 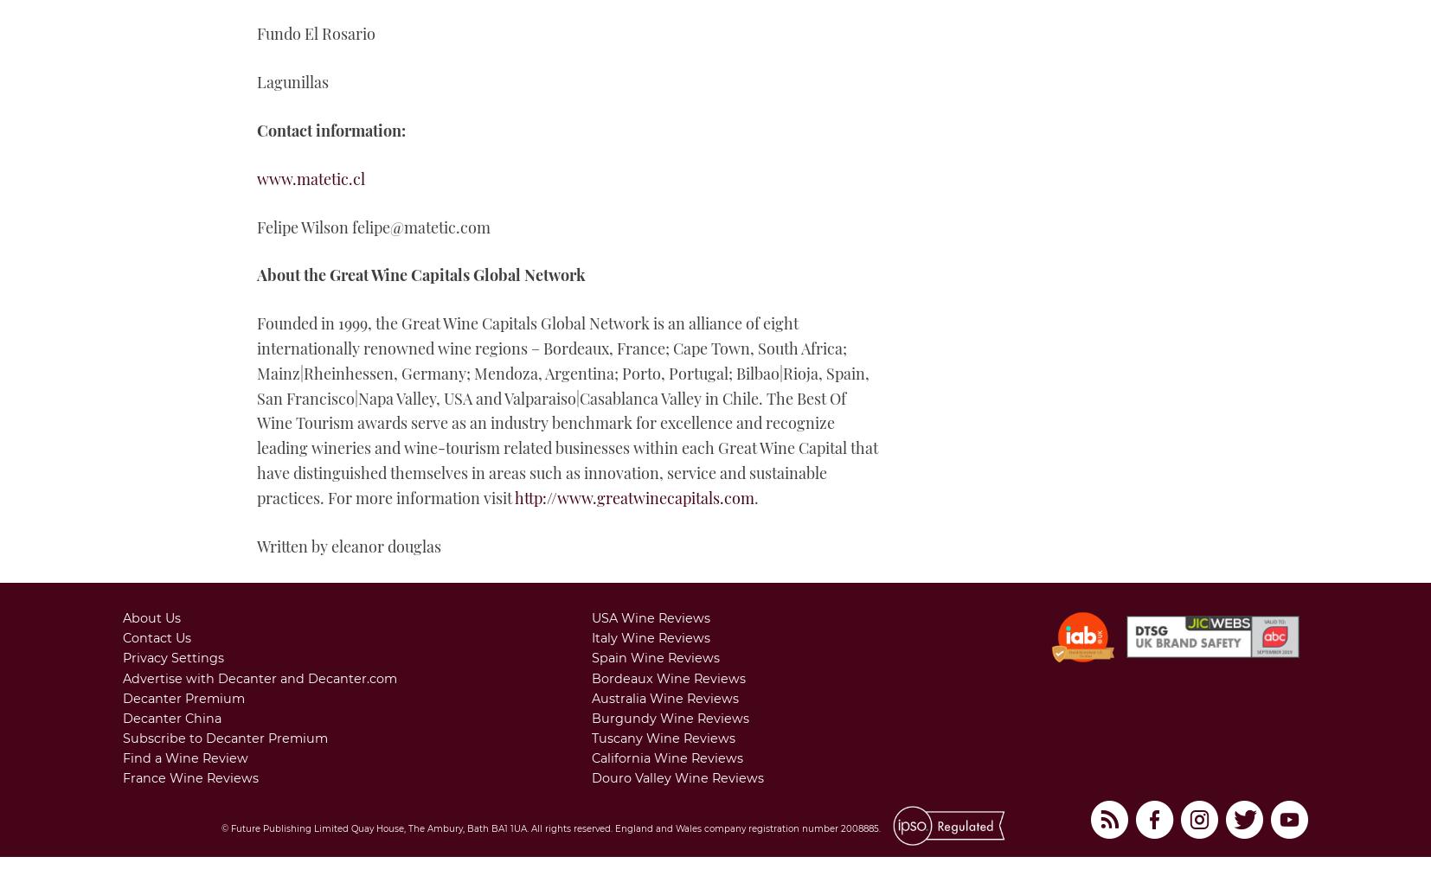 What do you see at coordinates (348, 545) in the screenshot?
I see `'Written by eleanor douglas'` at bounding box center [348, 545].